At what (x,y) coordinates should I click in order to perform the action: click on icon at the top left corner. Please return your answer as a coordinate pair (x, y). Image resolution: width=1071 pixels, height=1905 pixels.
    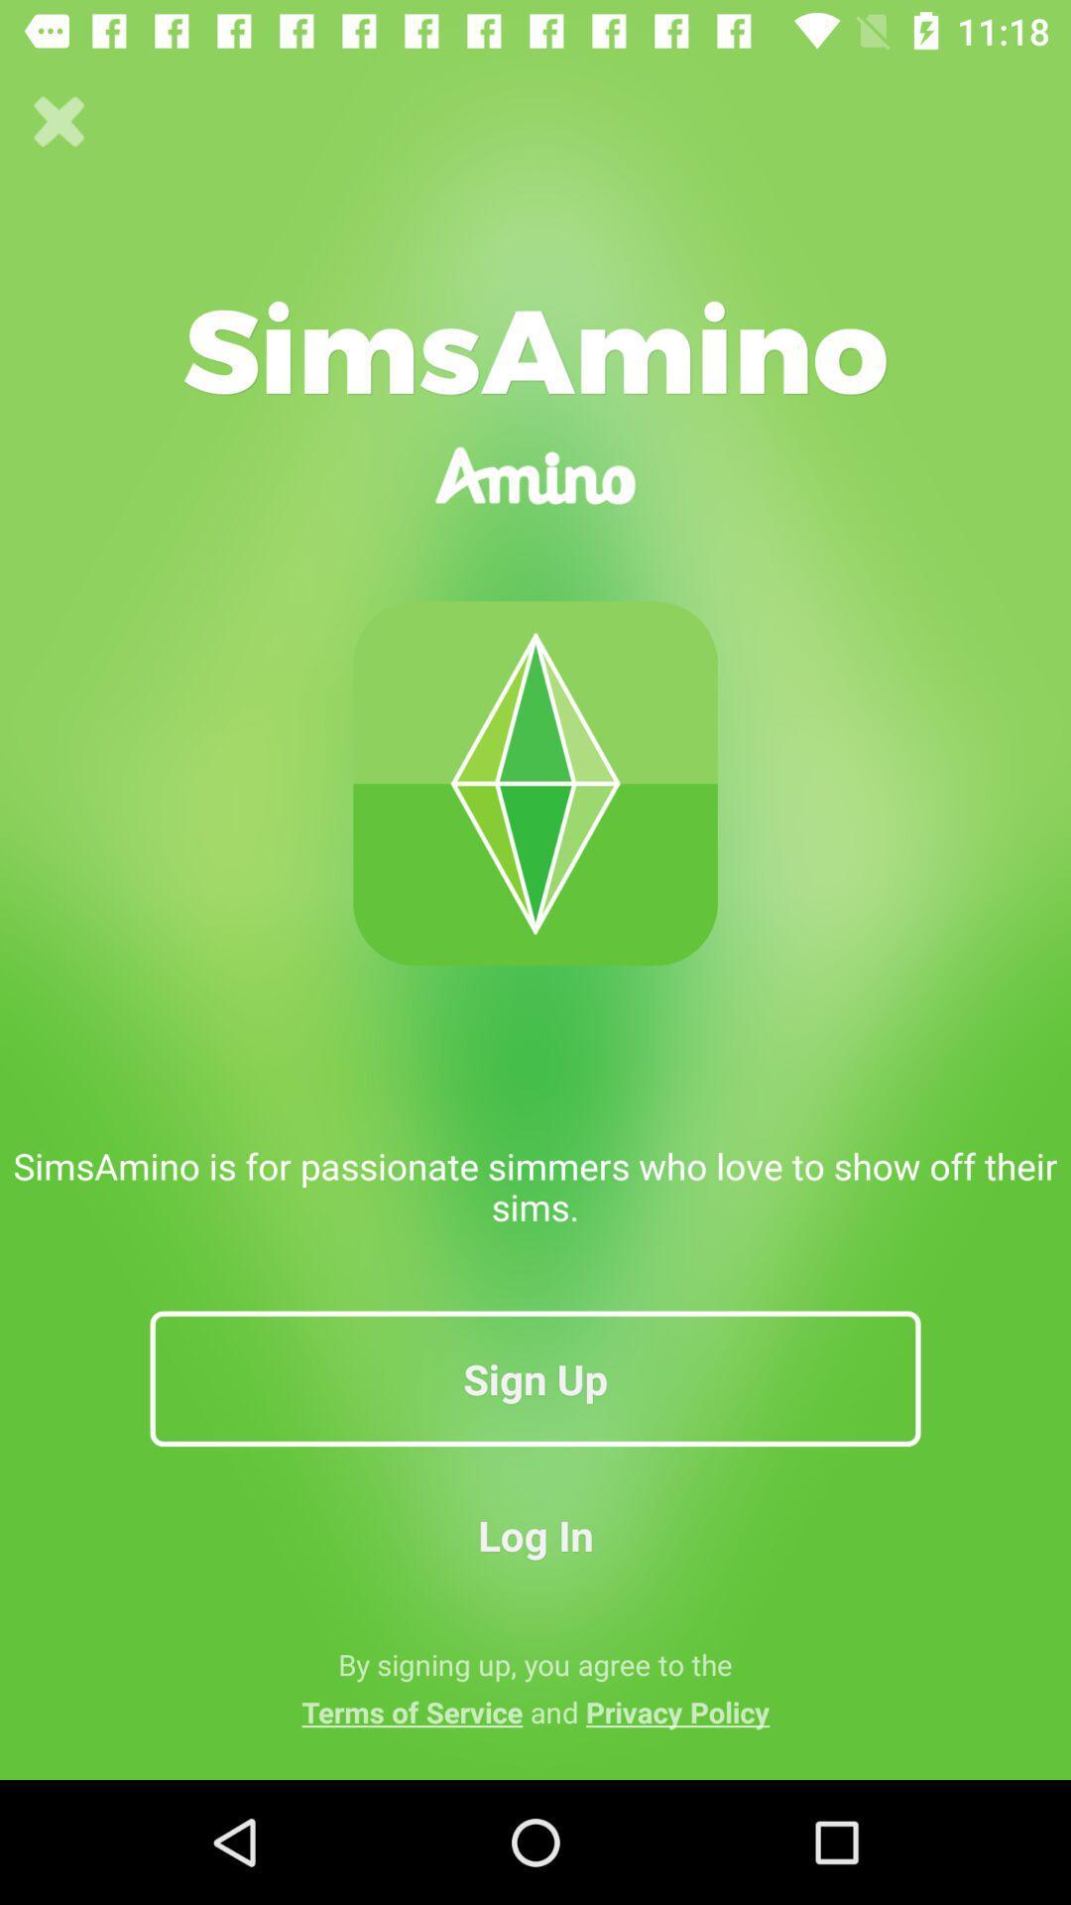
    Looking at the image, I should click on (59, 121).